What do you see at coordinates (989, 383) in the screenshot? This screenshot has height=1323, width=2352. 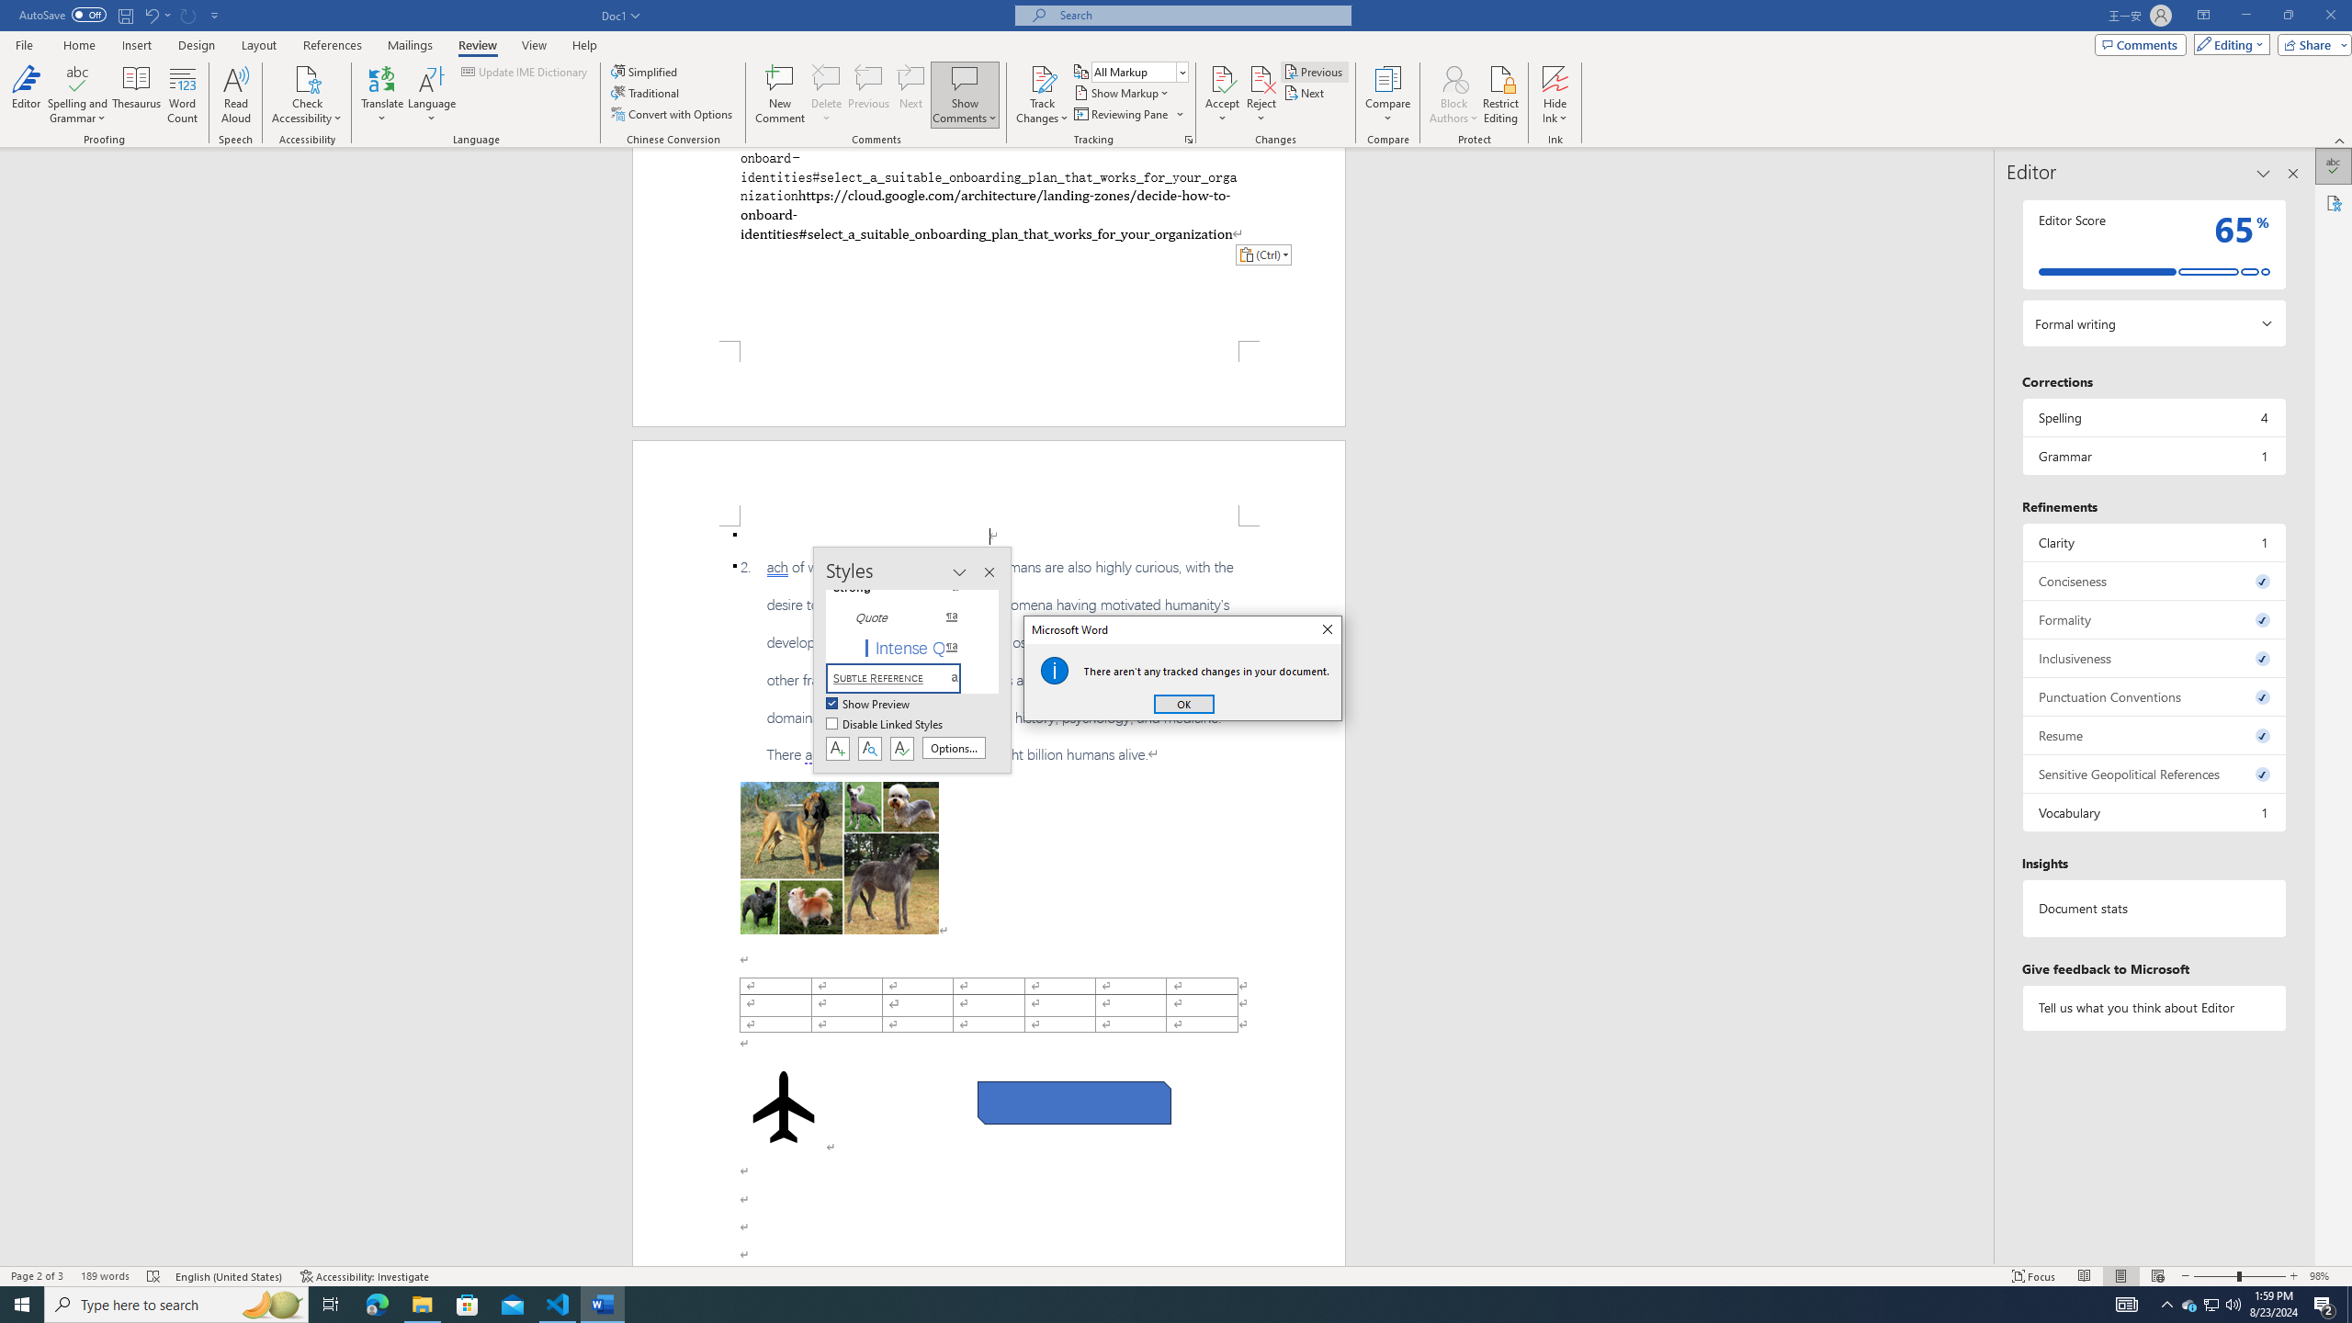 I see `'Footer -Section 1-'` at bounding box center [989, 383].